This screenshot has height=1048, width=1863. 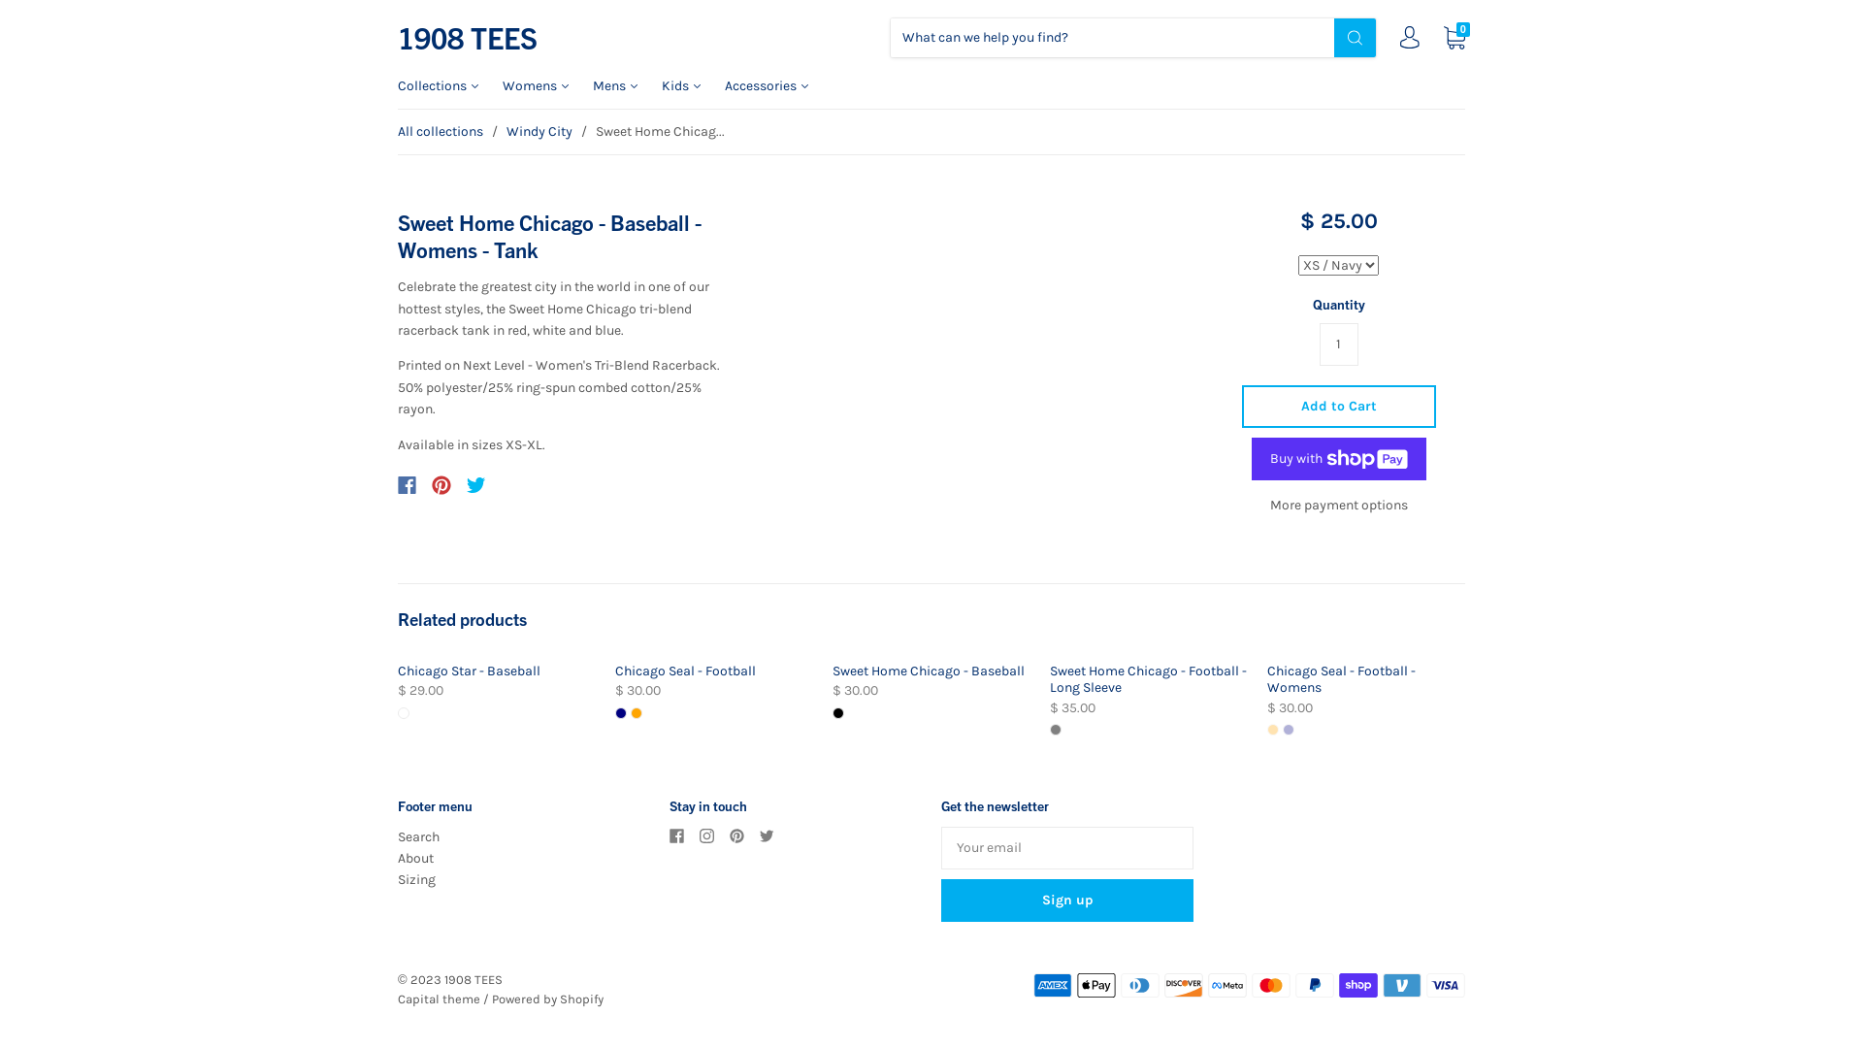 I want to click on 'Chicago Star - Baseball', so click(x=469, y=670).